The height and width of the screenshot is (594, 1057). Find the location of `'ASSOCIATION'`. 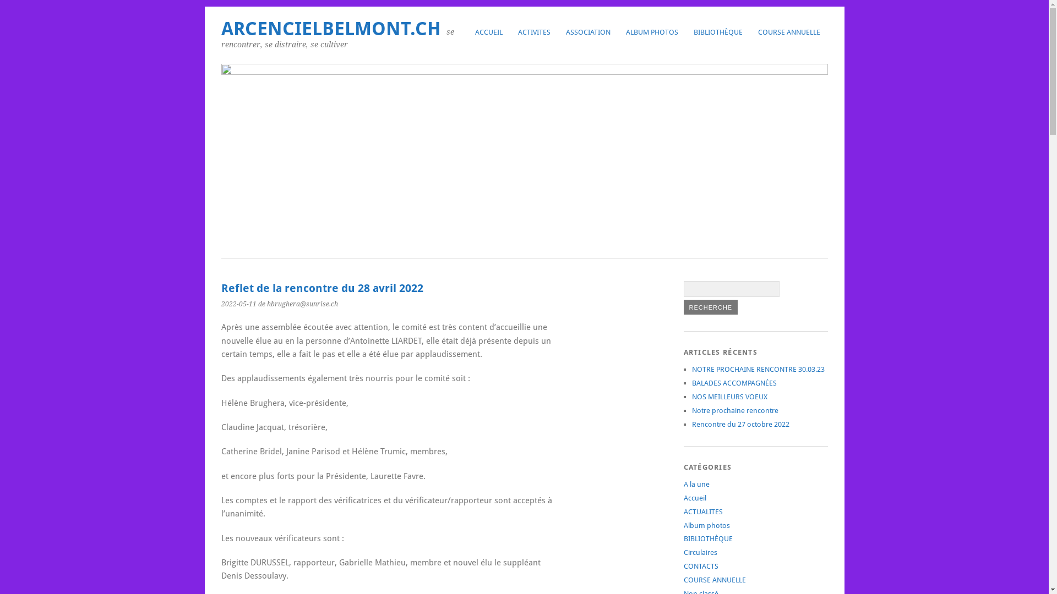

'ASSOCIATION' is located at coordinates (587, 31).